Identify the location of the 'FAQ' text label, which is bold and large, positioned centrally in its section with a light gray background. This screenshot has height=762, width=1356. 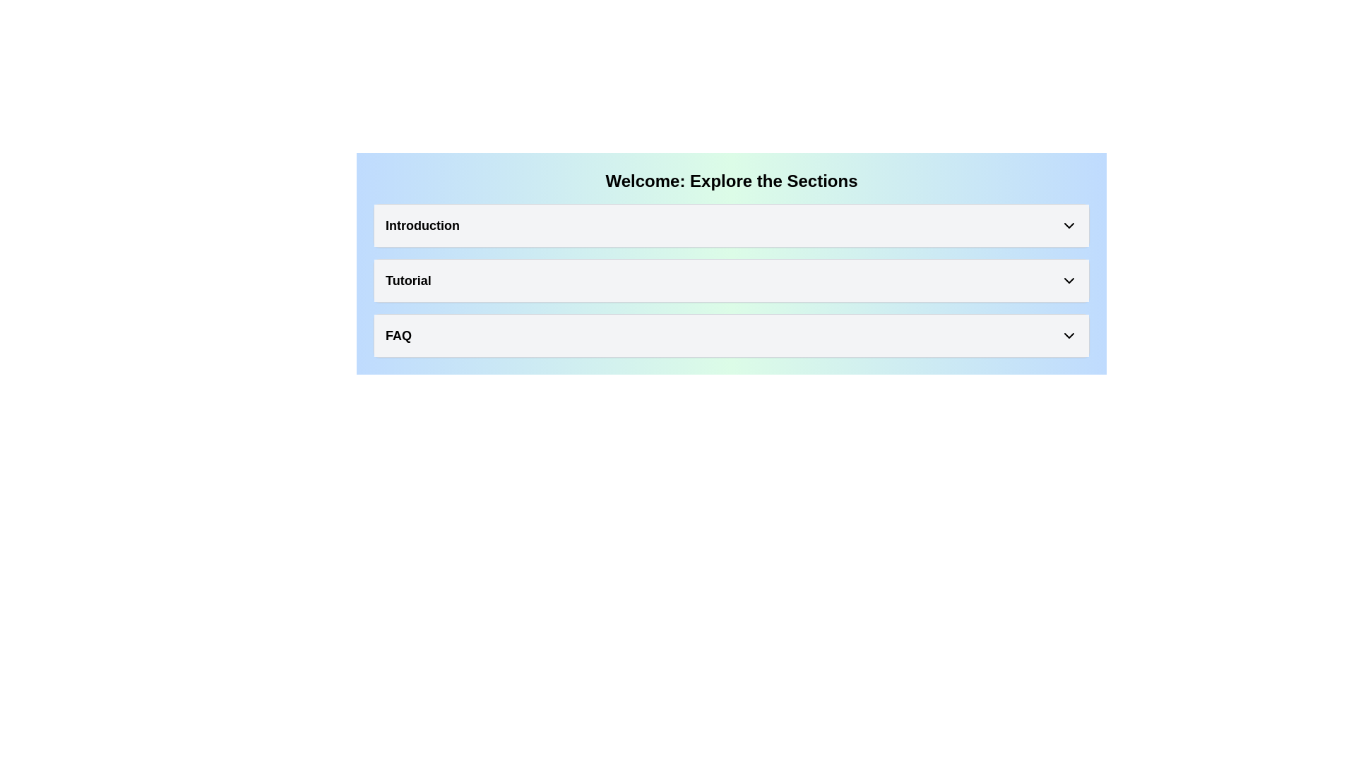
(398, 335).